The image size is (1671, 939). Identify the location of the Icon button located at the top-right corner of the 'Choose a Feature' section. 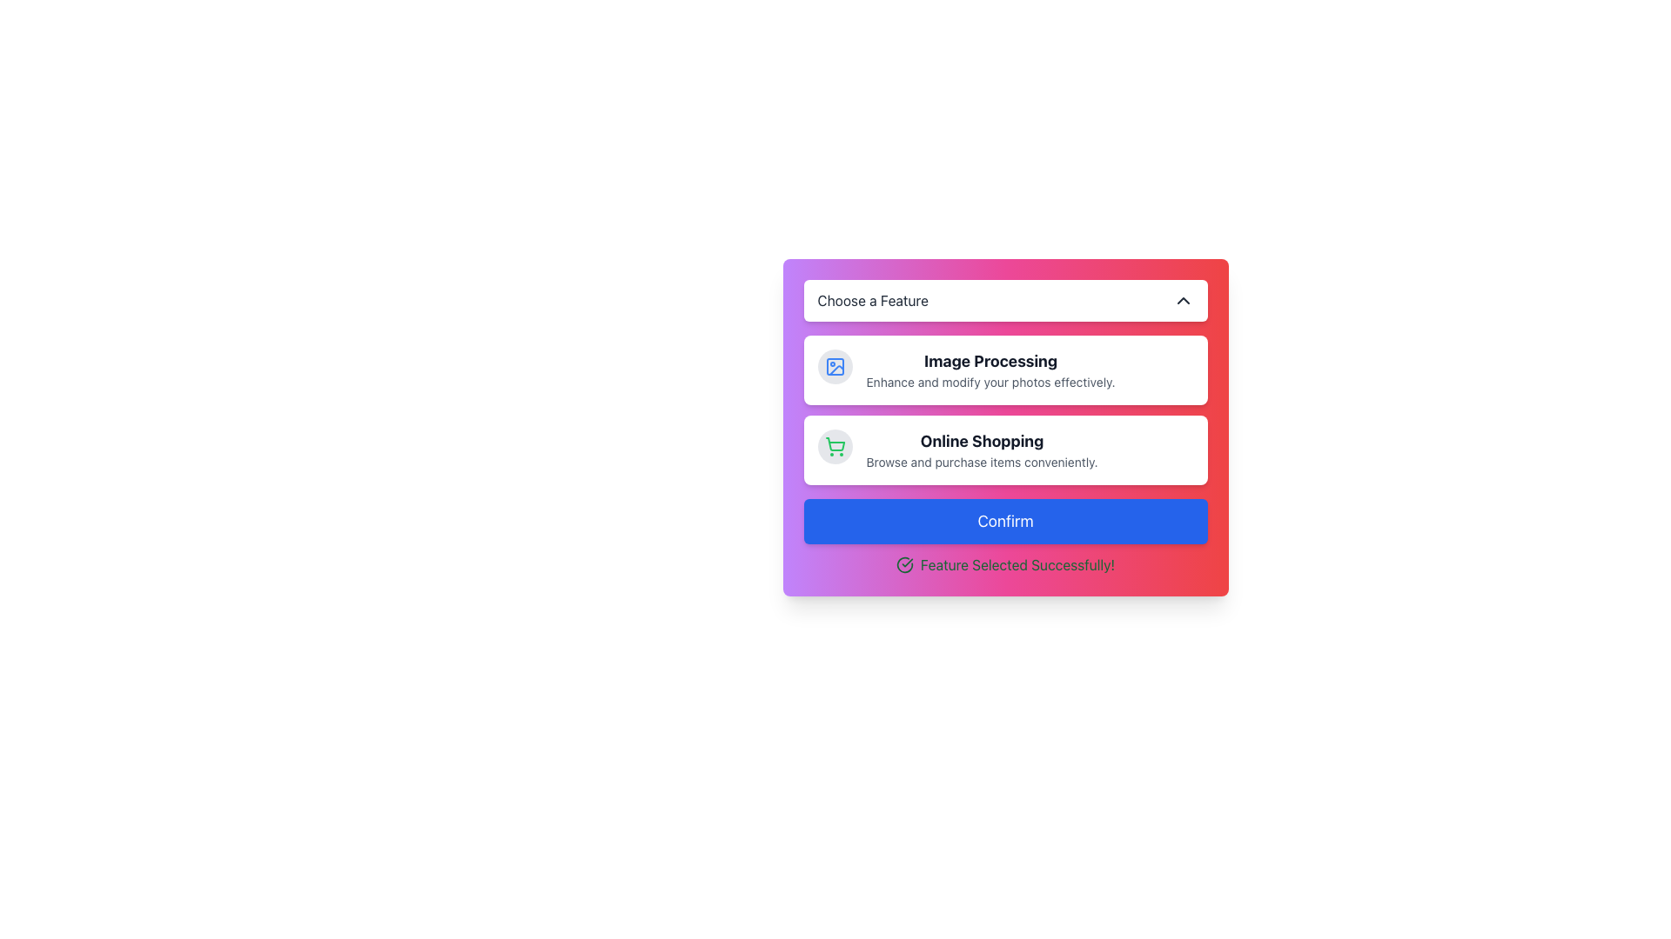
(1183, 300).